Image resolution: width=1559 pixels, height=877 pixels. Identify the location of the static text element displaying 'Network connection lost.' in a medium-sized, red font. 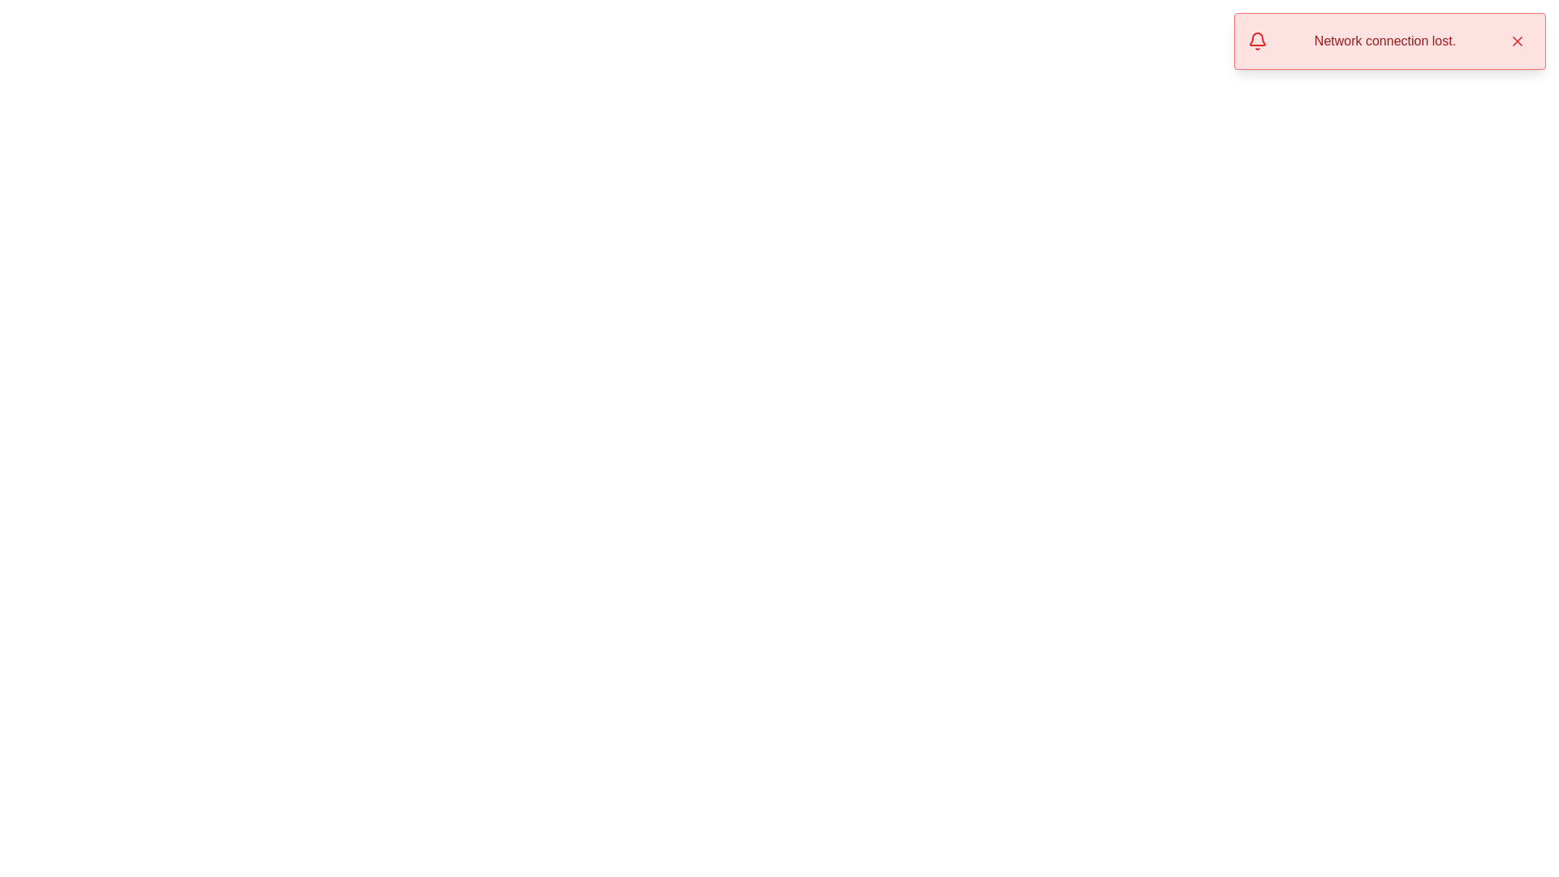
(1384, 40).